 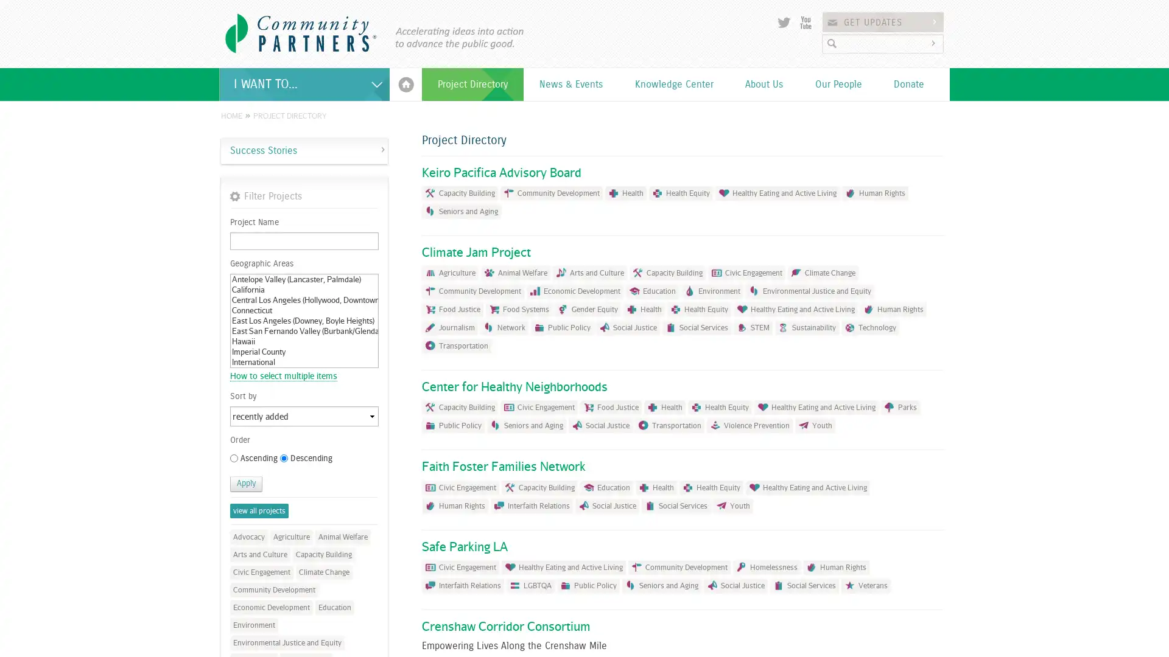 I want to click on Apply, so click(x=245, y=483).